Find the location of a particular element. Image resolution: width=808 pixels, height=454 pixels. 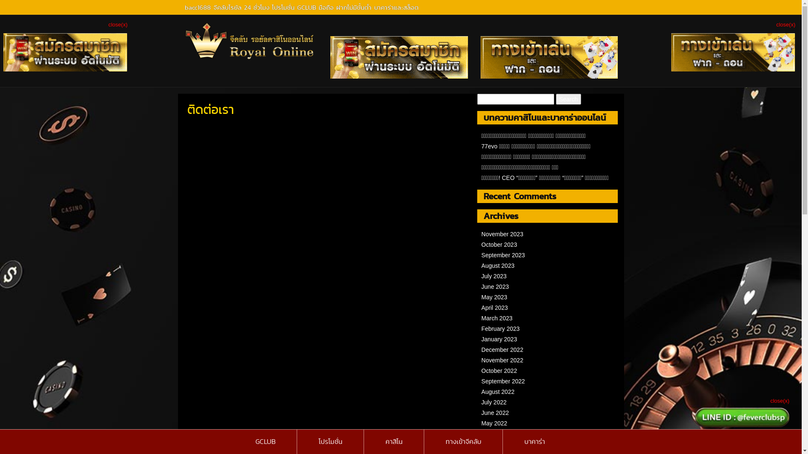

'July 2022' is located at coordinates (481, 401).